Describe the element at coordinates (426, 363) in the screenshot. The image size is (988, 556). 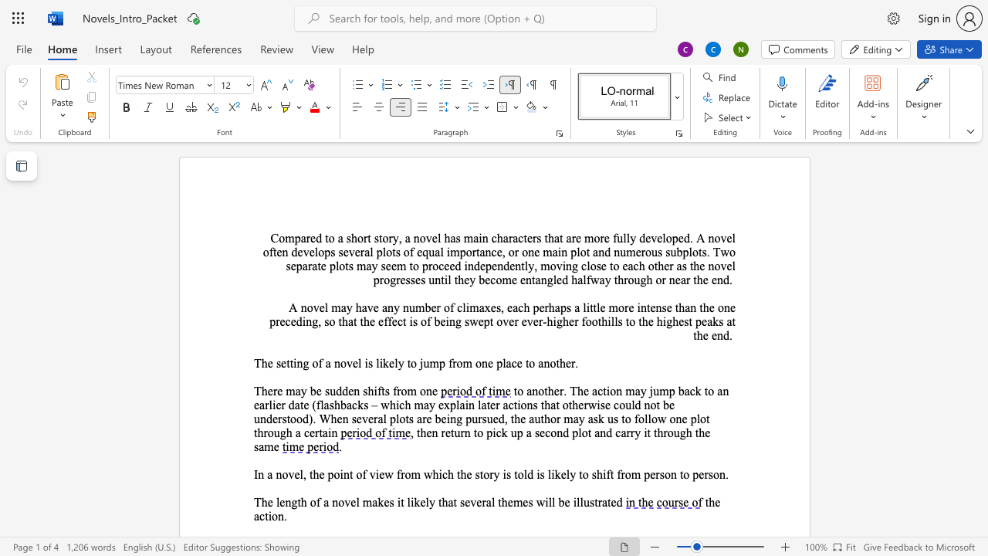
I see `the 1th character "u" in the text` at that location.